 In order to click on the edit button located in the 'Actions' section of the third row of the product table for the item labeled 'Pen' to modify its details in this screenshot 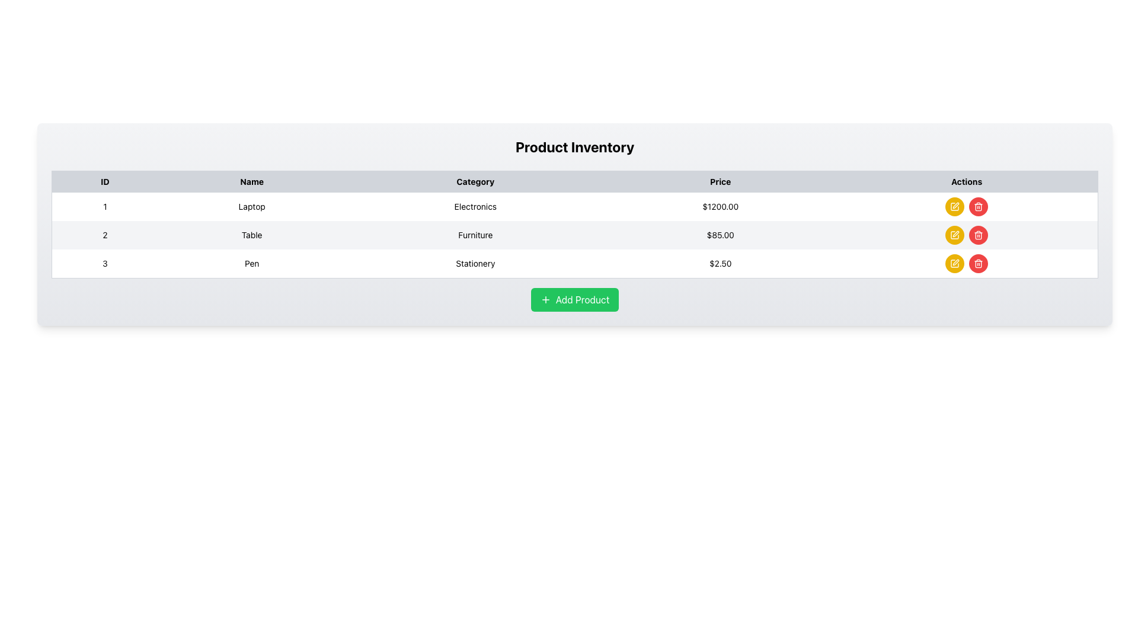, I will do `click(956, 233)`.